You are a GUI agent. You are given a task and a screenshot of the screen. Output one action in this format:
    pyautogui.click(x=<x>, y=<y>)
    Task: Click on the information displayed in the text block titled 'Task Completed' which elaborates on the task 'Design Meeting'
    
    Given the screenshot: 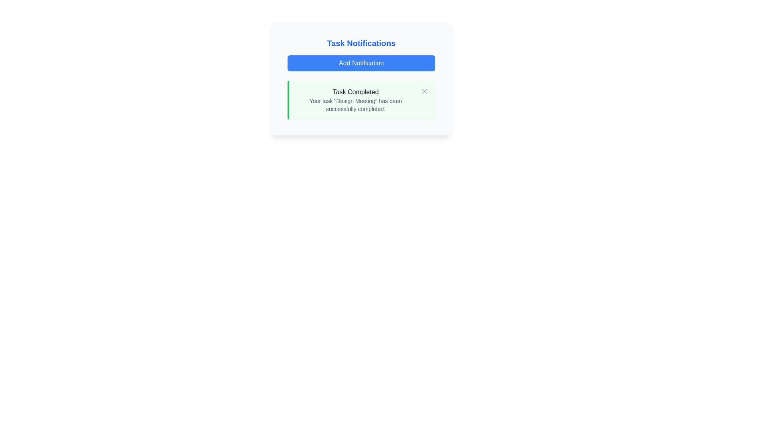 What is the action you would take?
    pyautogui.click(x=355, y=100)
    